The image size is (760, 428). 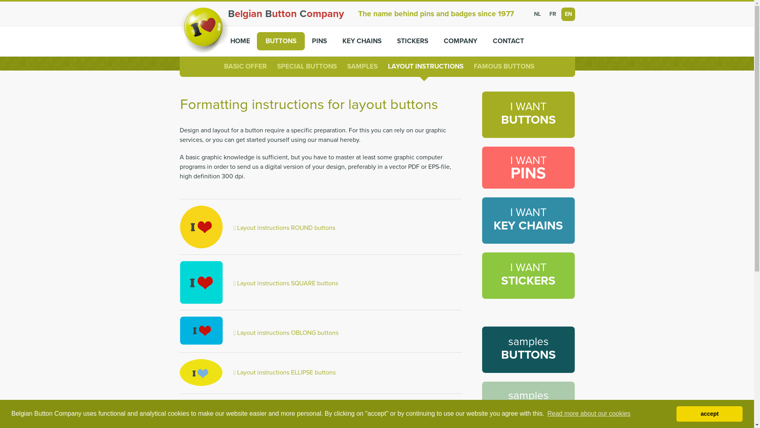 What do you see at coordinates (528, 349) in the screenshot?
I see `'samples` at bounding box center [528, 349].